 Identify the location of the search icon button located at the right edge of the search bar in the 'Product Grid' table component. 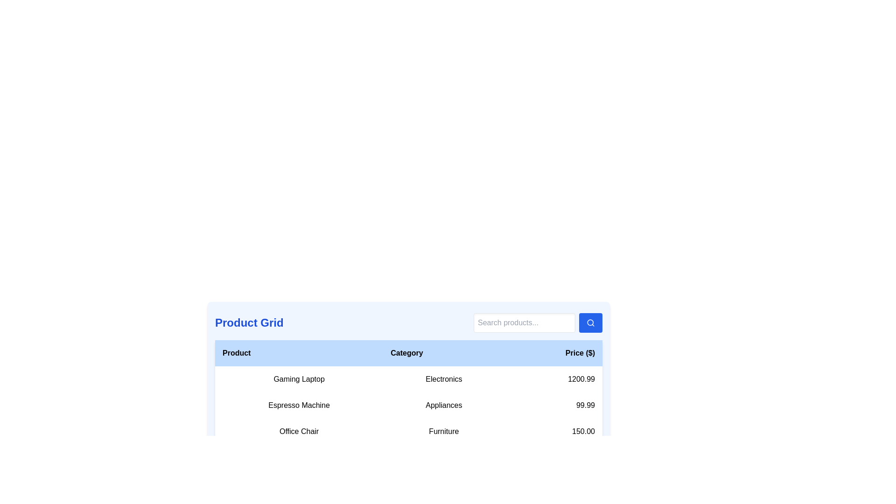
(590, 322).